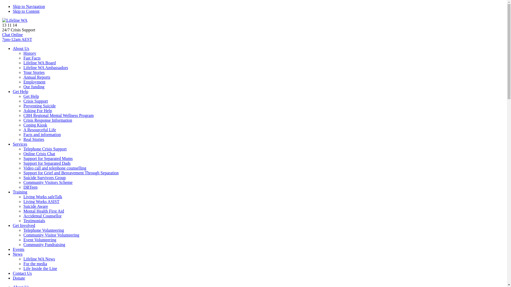 The image size is (511, 287). What do you see at coordinates (38, 110) in the screenshot?
I see `'Asking For Help'` at bounding box center [38, 110].